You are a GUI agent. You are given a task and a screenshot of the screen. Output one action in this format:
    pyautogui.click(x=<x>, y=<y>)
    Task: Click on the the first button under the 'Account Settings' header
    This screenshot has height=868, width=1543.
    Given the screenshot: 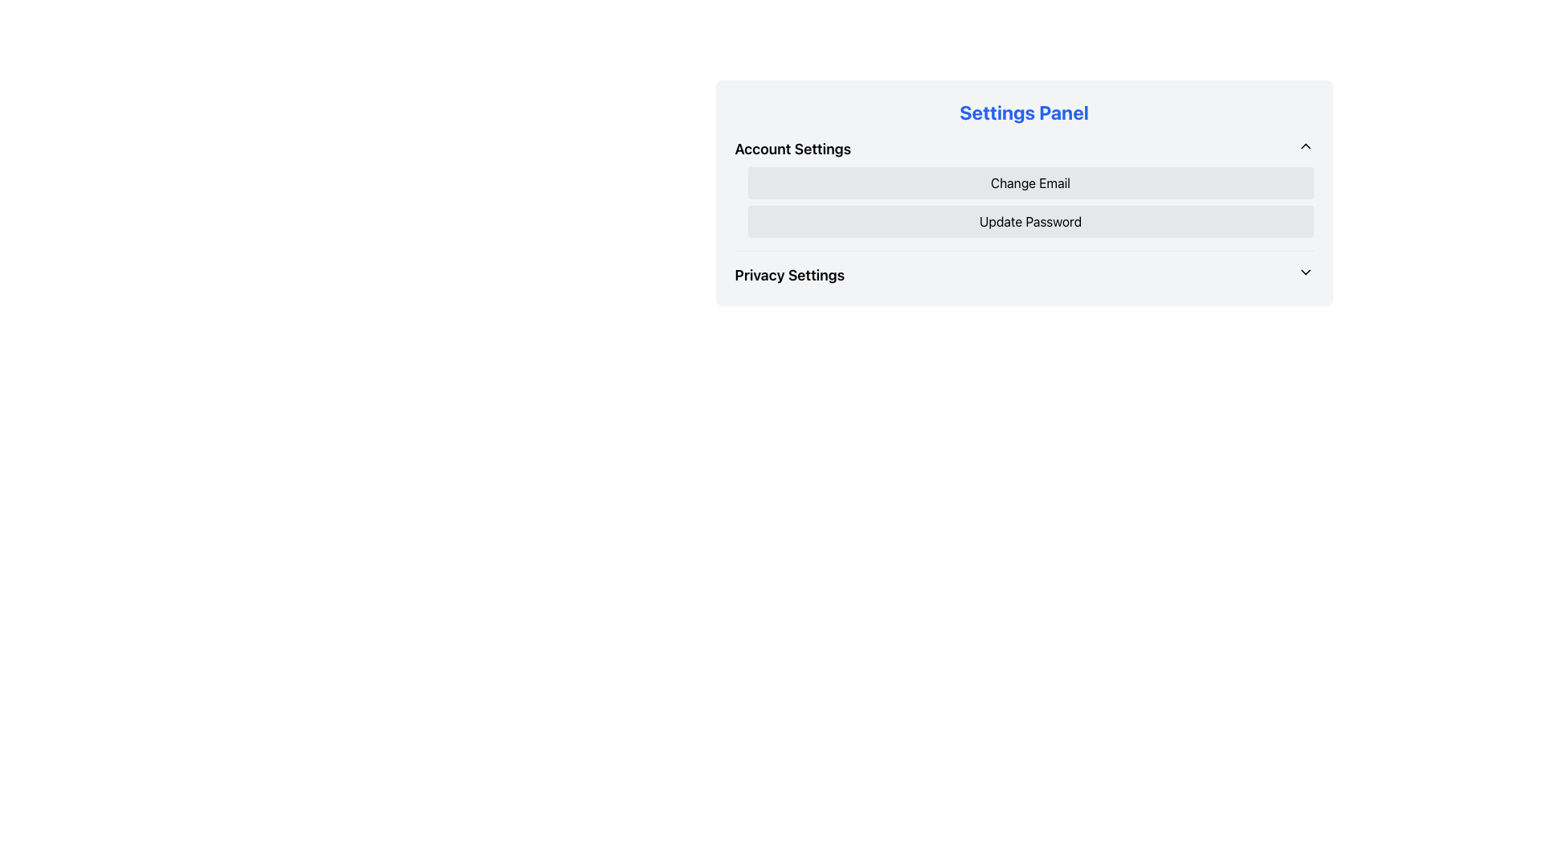 What is the action you would take?
    pyautogui.click(x=1030, y=182)
    